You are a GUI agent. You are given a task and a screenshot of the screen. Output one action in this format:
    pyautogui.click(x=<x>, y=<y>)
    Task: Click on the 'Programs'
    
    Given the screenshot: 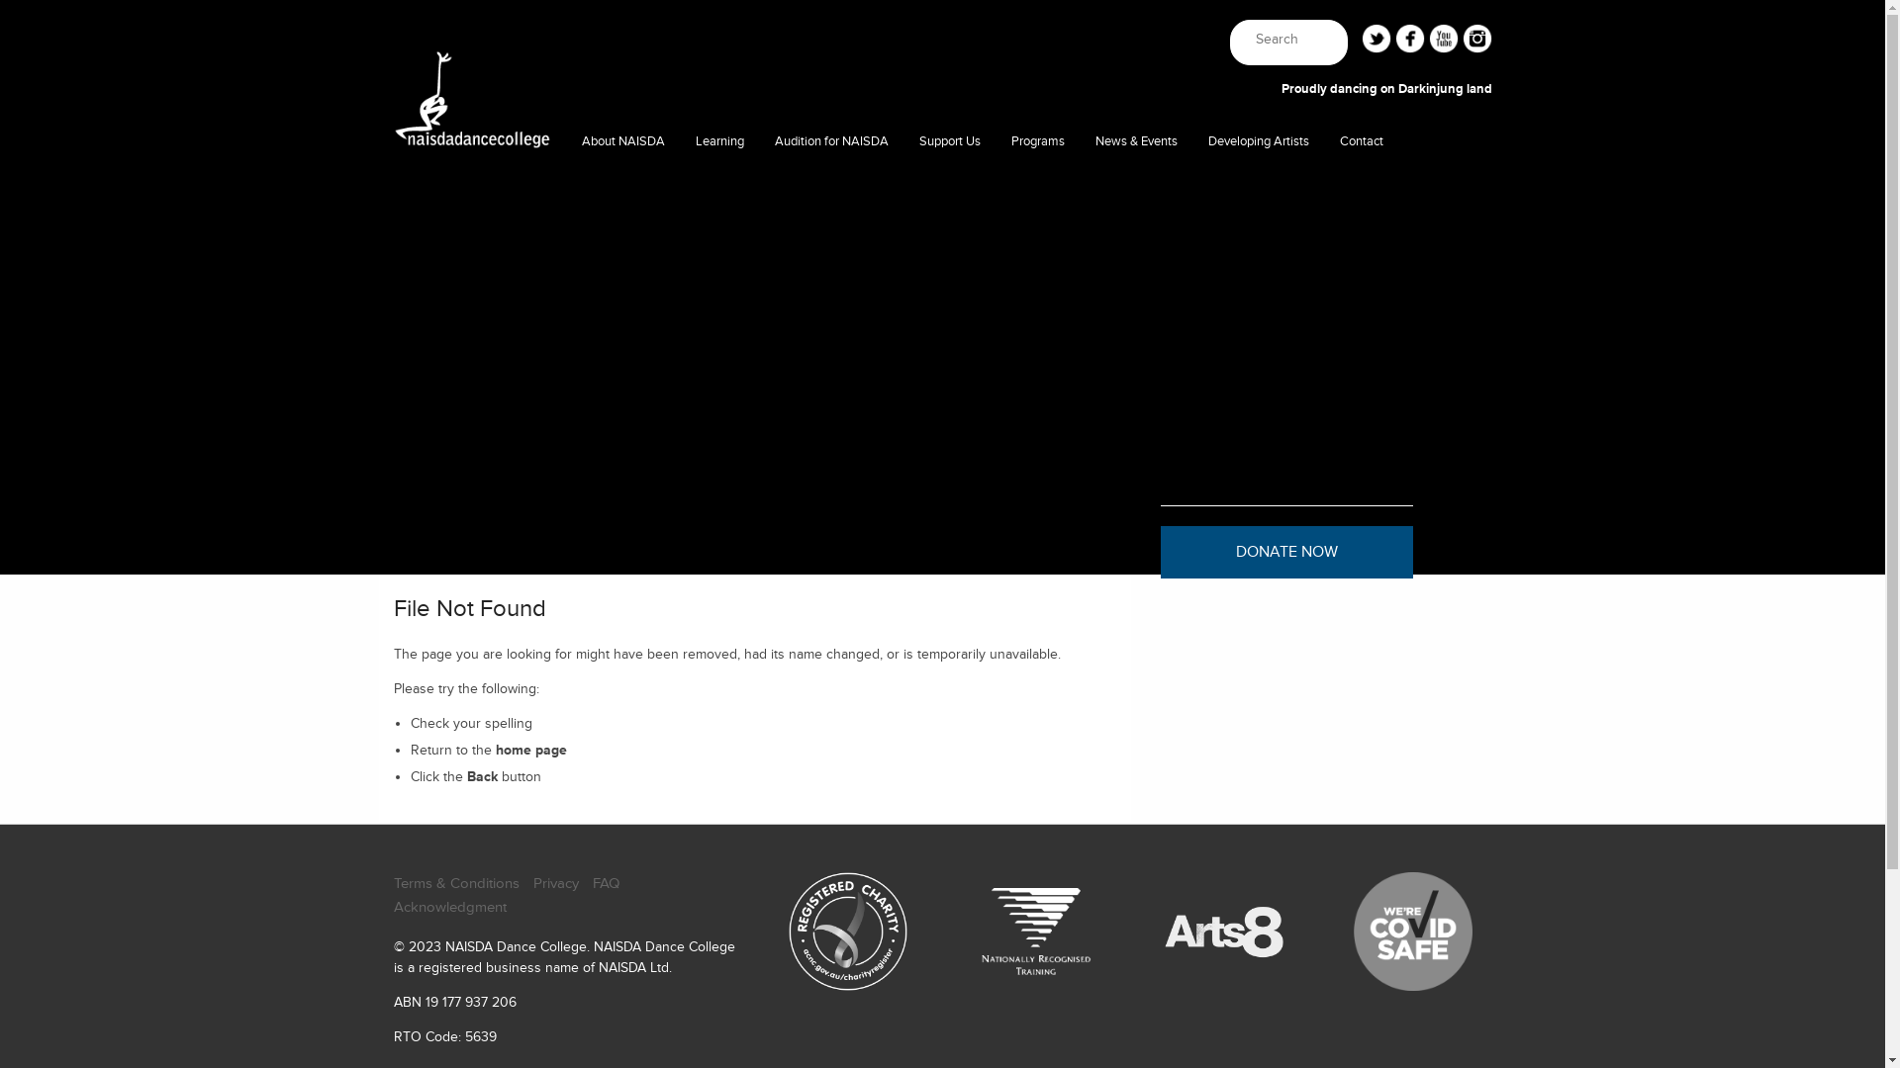 What is the action you would take?
    pyautogui.click(x=1037, y=140)
    